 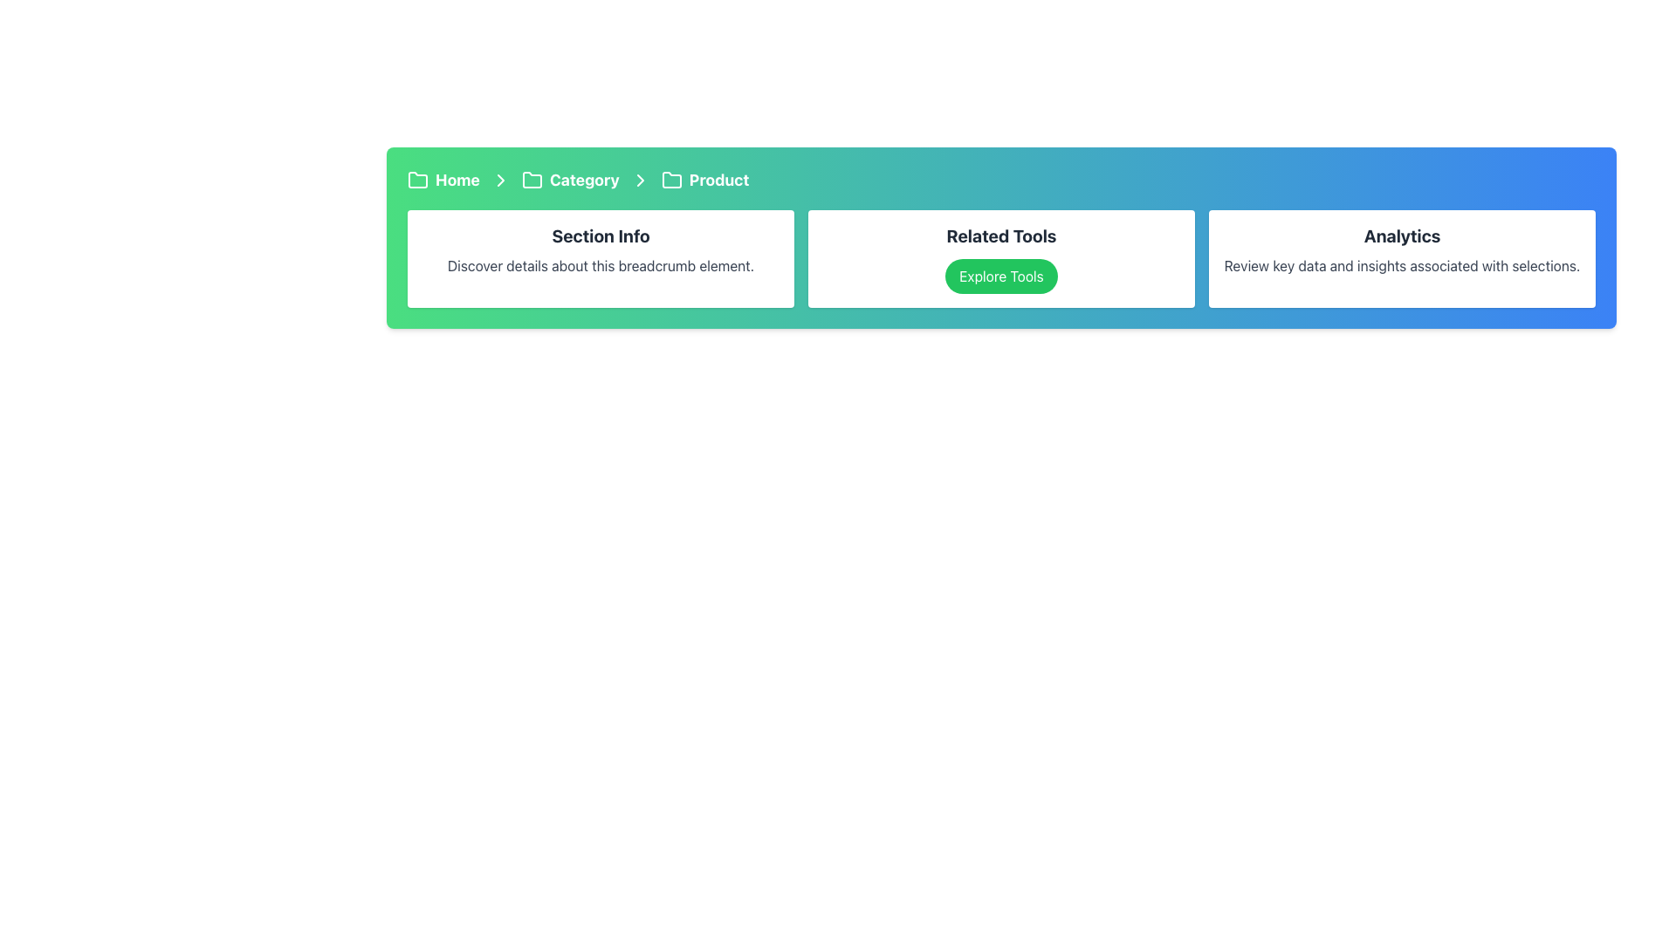 I want to click on the breadcrumb navigation link that guides the user to the 'Product' page, located at the top section of the interface, the last item in the breadcrumb sequence following 'Home > Category', so click(x=705, y=181).